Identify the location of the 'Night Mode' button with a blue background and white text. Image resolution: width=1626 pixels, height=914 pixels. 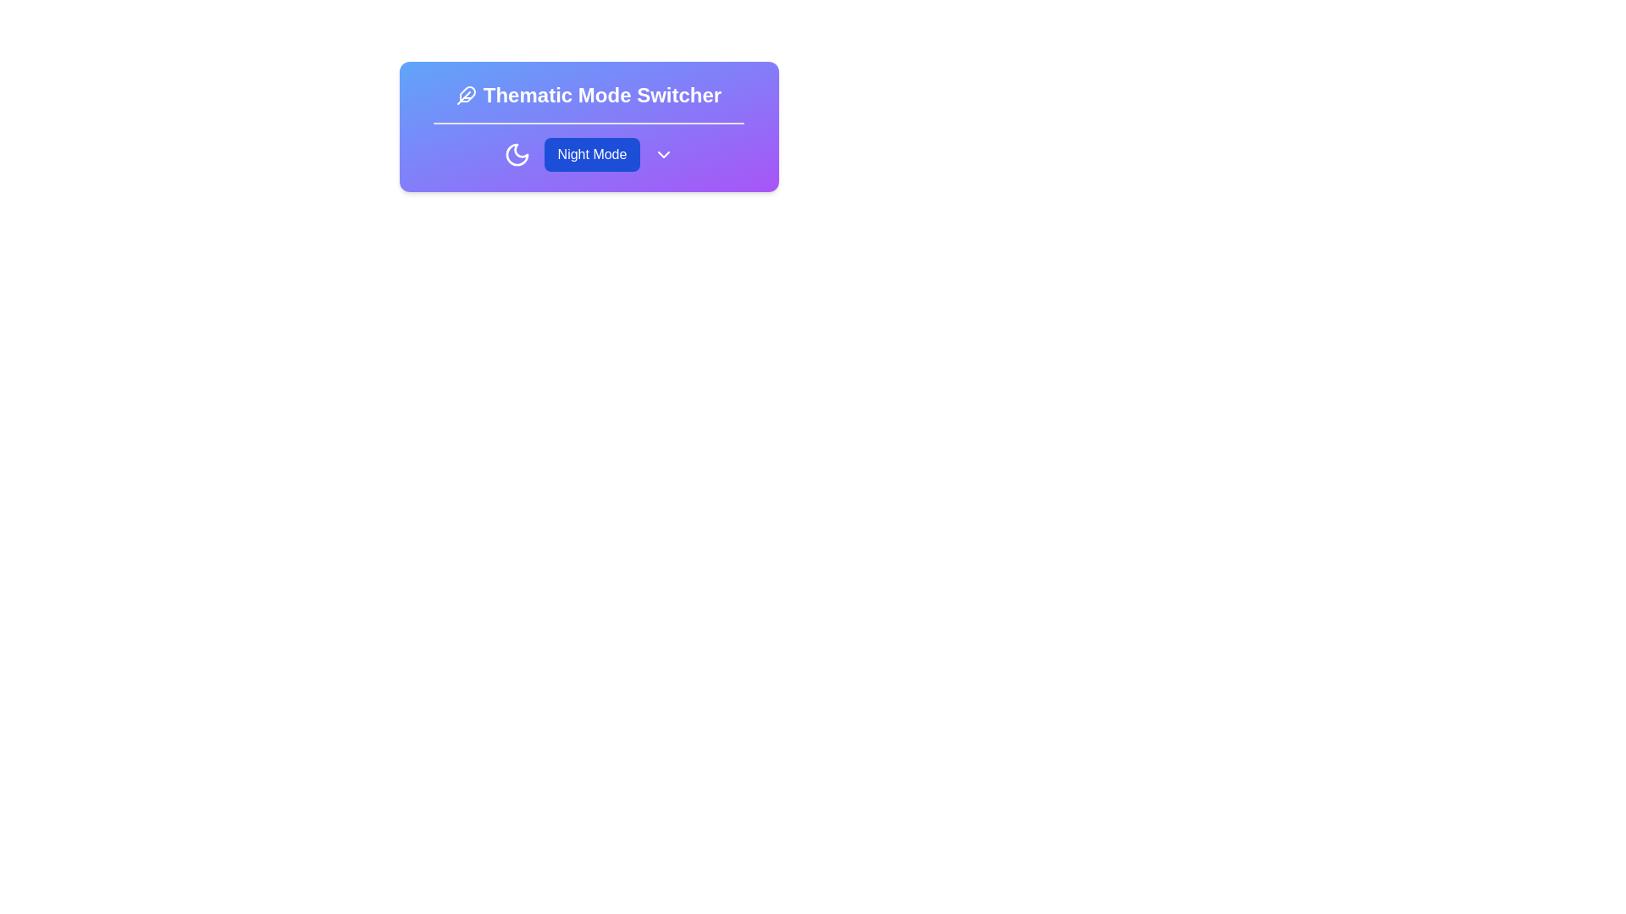
(589, 154).